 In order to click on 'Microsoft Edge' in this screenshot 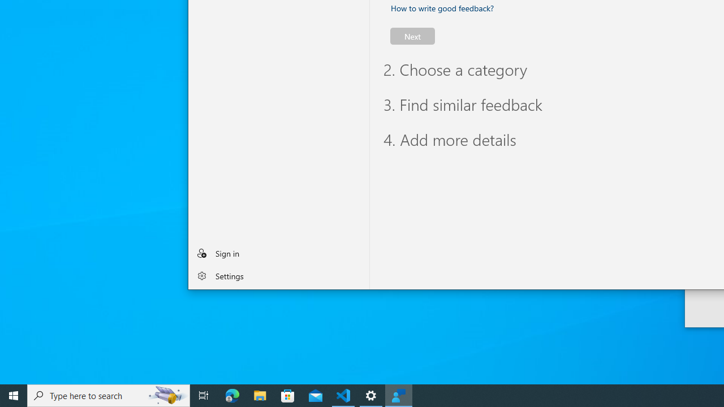, I will do `click(232, 395)`.